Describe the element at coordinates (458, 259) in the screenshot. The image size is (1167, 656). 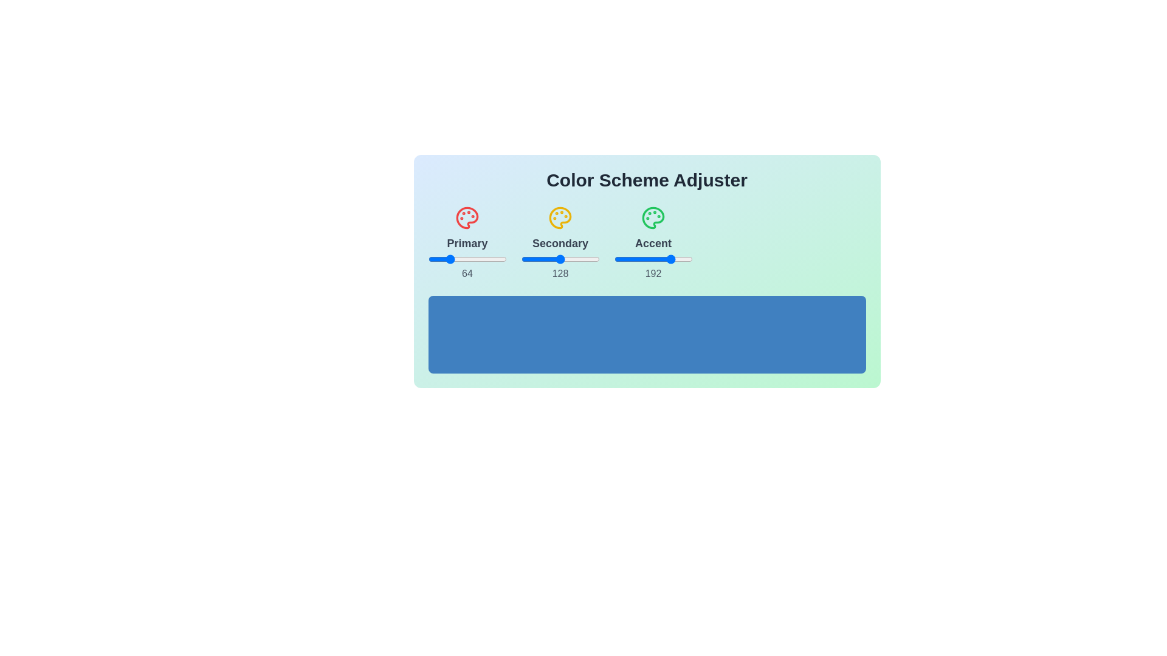
I see `the 1 slider to 100` at that location.